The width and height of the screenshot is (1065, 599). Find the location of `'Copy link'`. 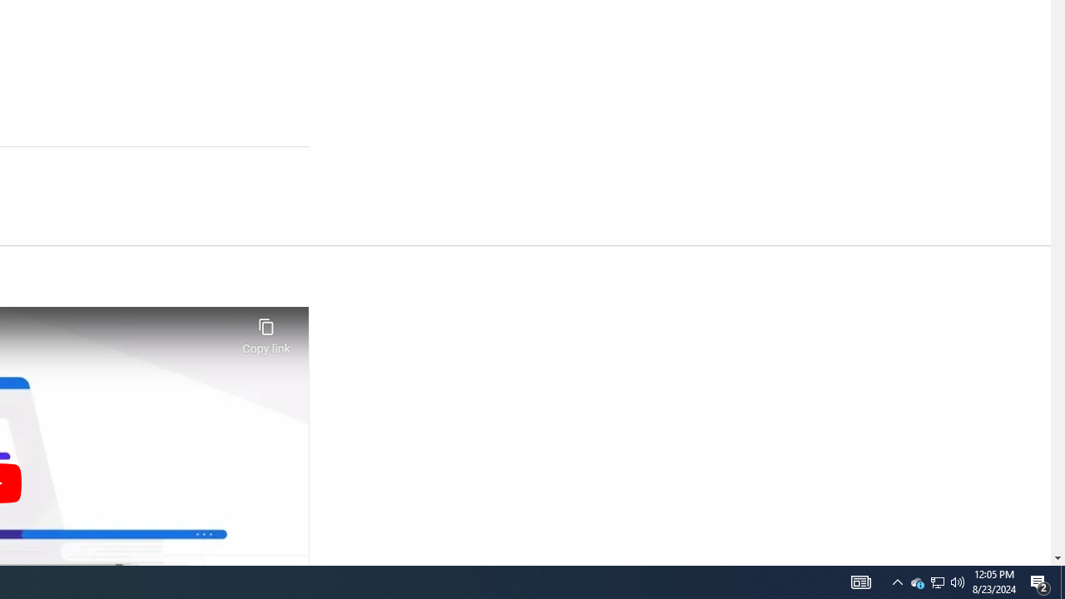

'Copy link' is located at coordinates (266, 331).